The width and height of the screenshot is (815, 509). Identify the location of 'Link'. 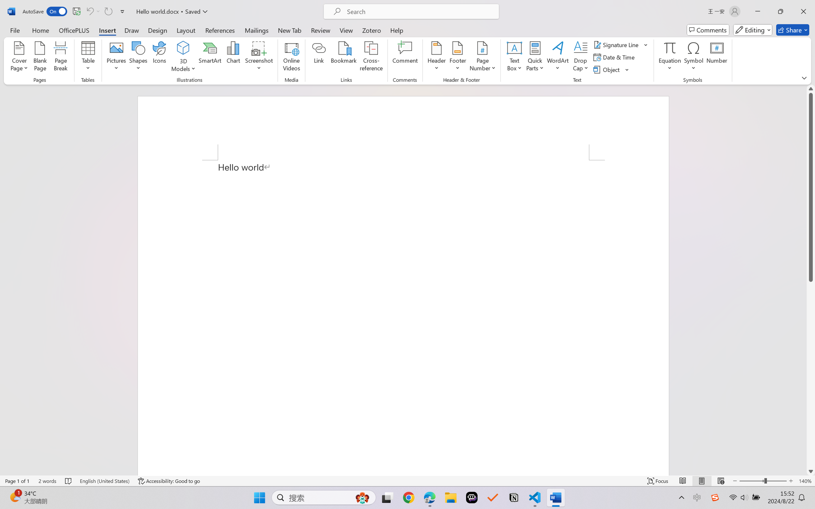
(319, 57).